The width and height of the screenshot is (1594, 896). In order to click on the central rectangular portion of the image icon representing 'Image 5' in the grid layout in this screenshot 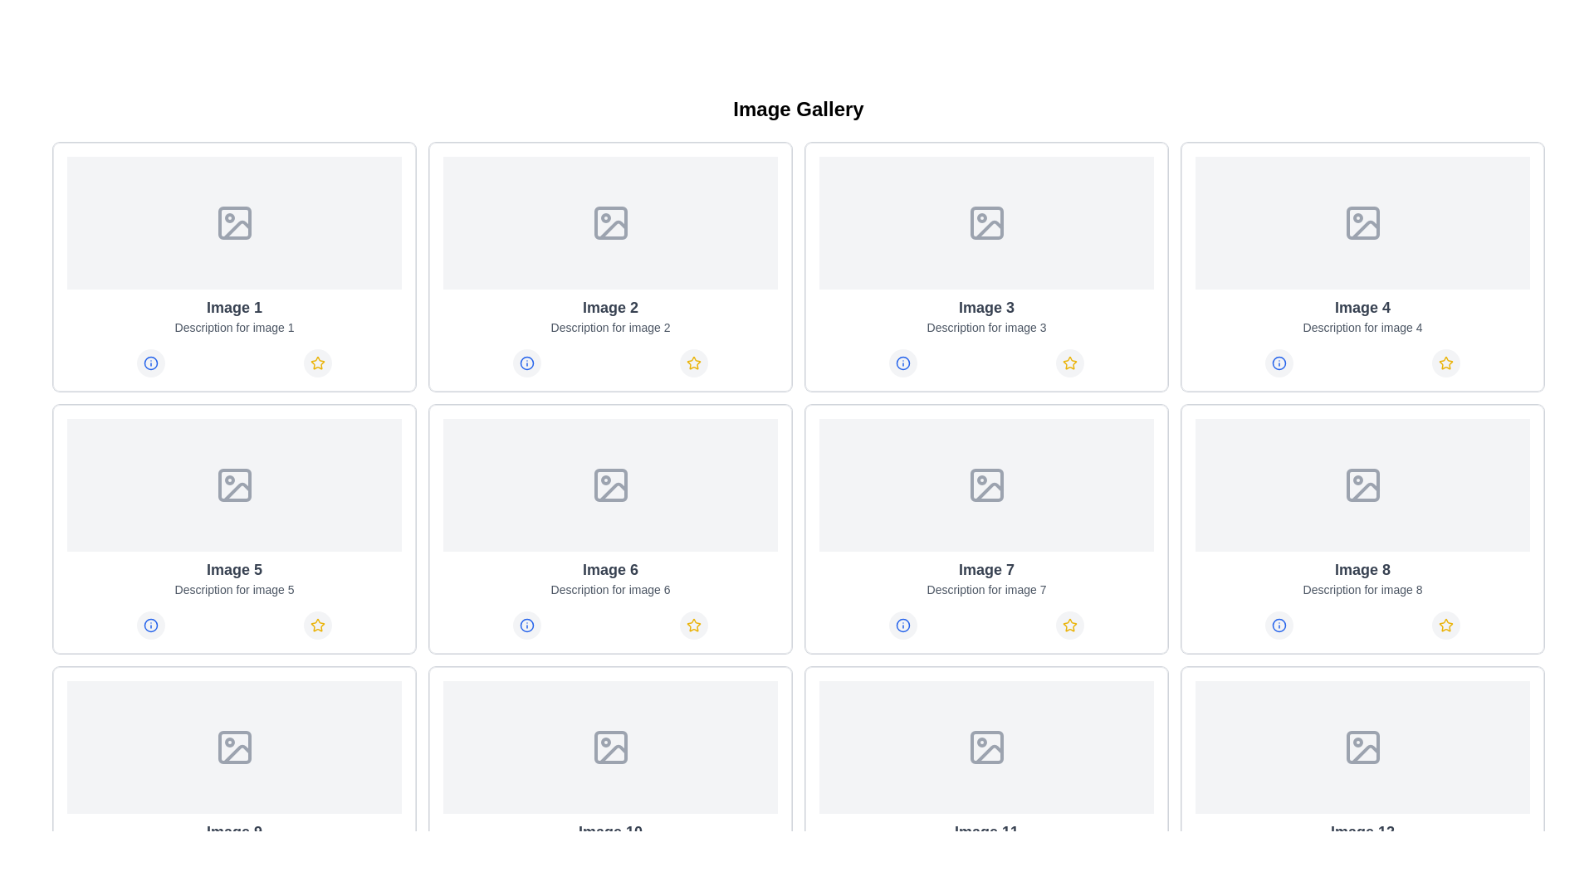, I will do `click(233, 485)`.